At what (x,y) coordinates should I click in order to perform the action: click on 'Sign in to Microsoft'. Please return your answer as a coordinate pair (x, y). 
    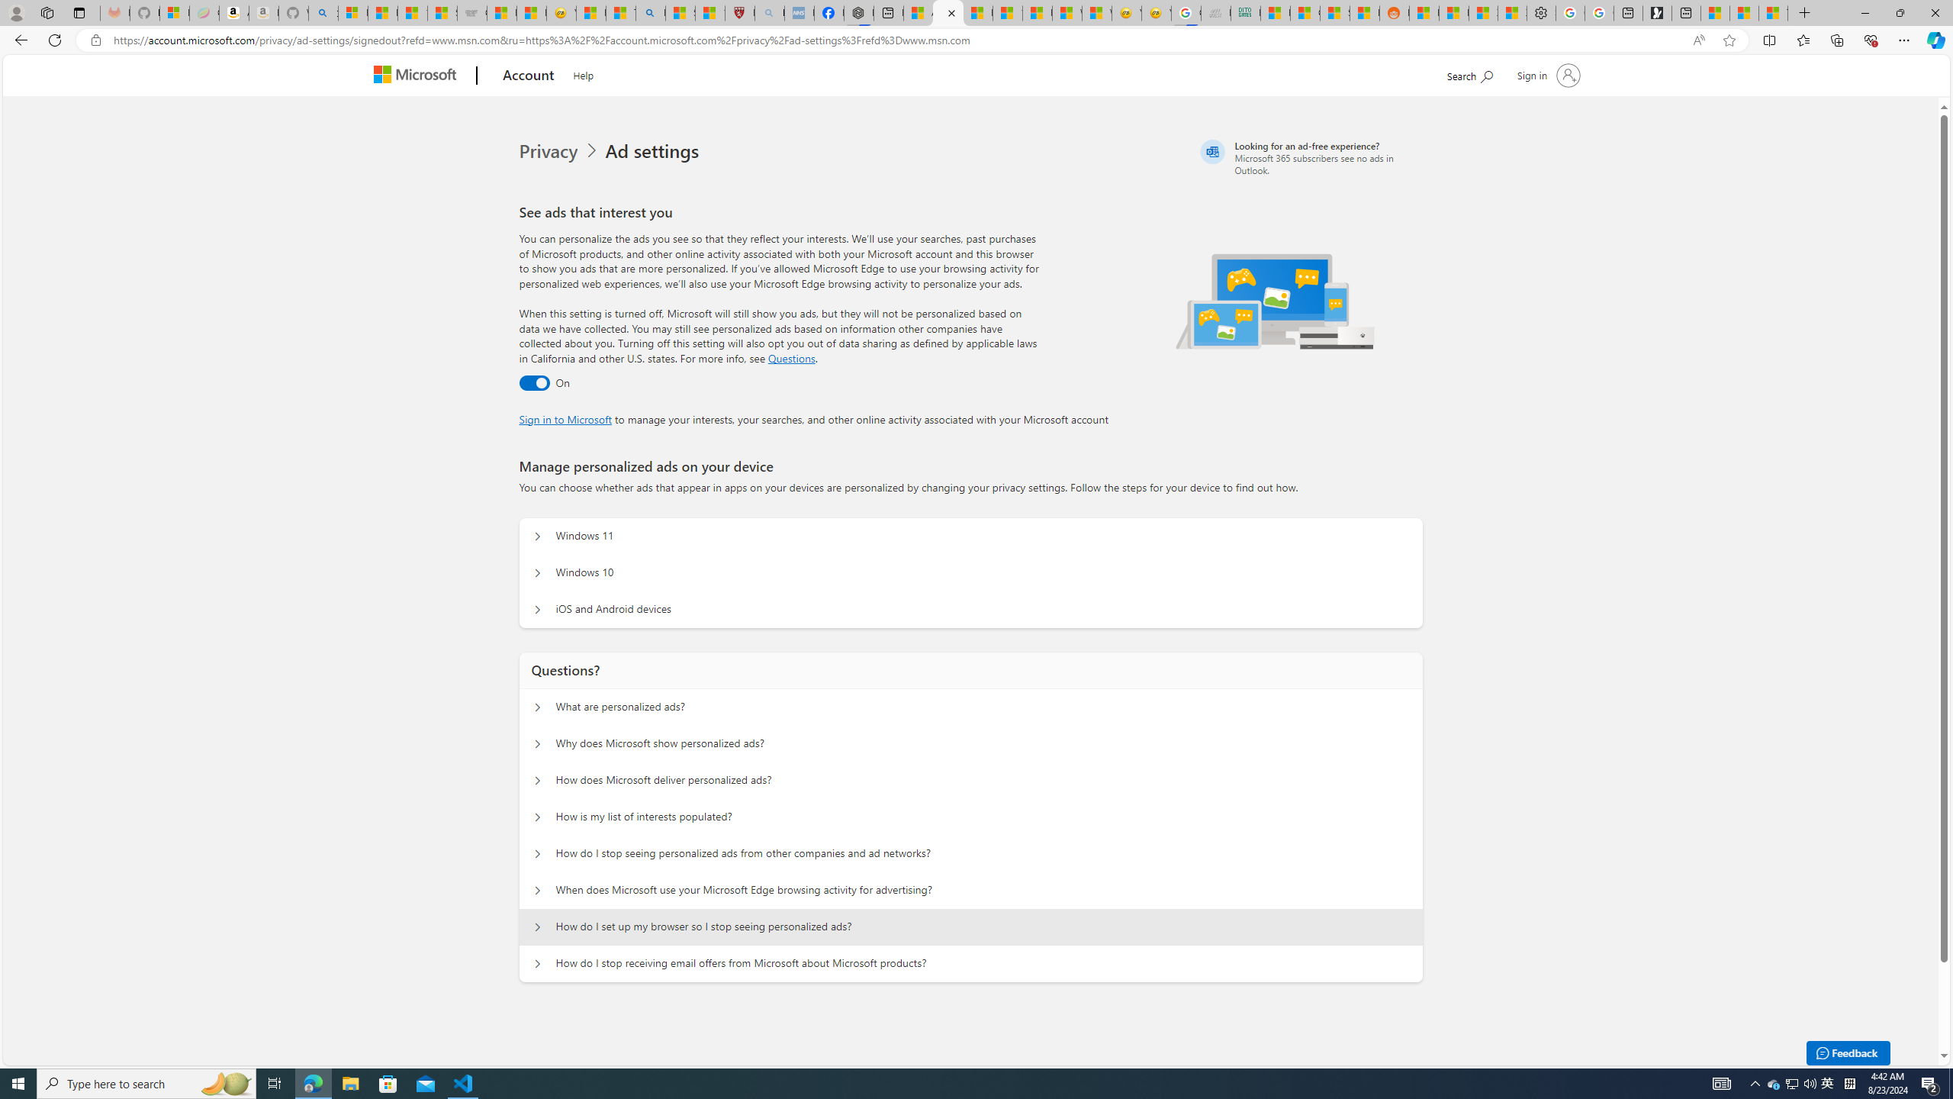
    Looking at the image, I should click on (565, 417).